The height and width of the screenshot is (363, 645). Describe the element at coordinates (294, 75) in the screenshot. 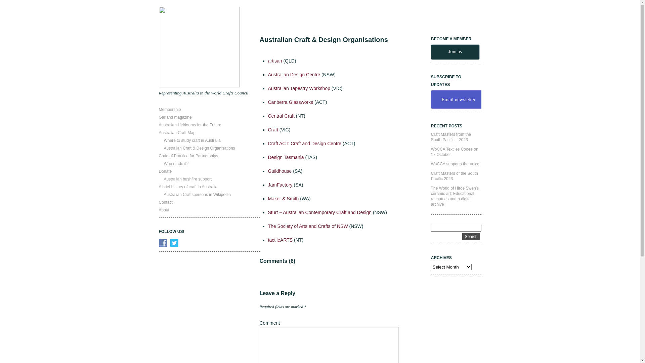

I see `'Australian Design Centre'` at that location.